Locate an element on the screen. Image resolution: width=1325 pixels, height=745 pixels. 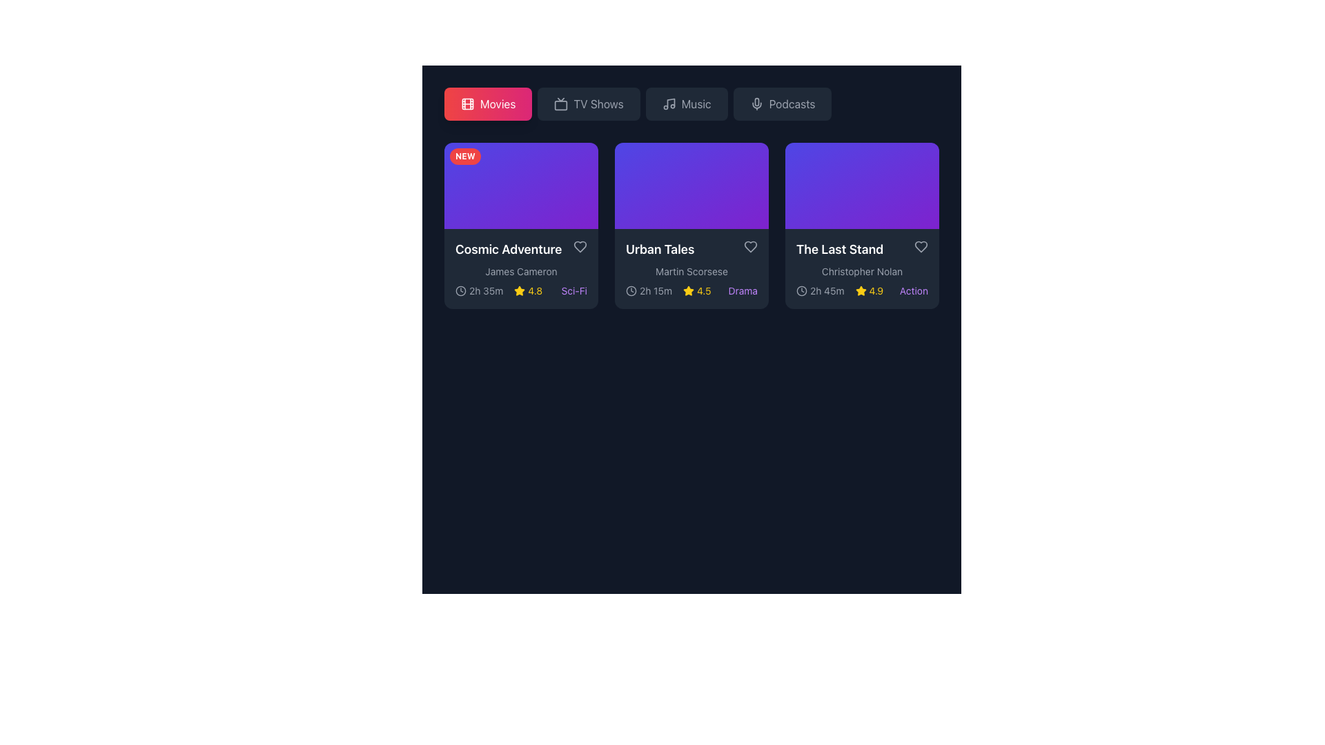
the analog clock icon with a circular outline located in the 'Cosmic Adventure' card, next to the duration text '2h 35m' is located at coordinates (460, 290).